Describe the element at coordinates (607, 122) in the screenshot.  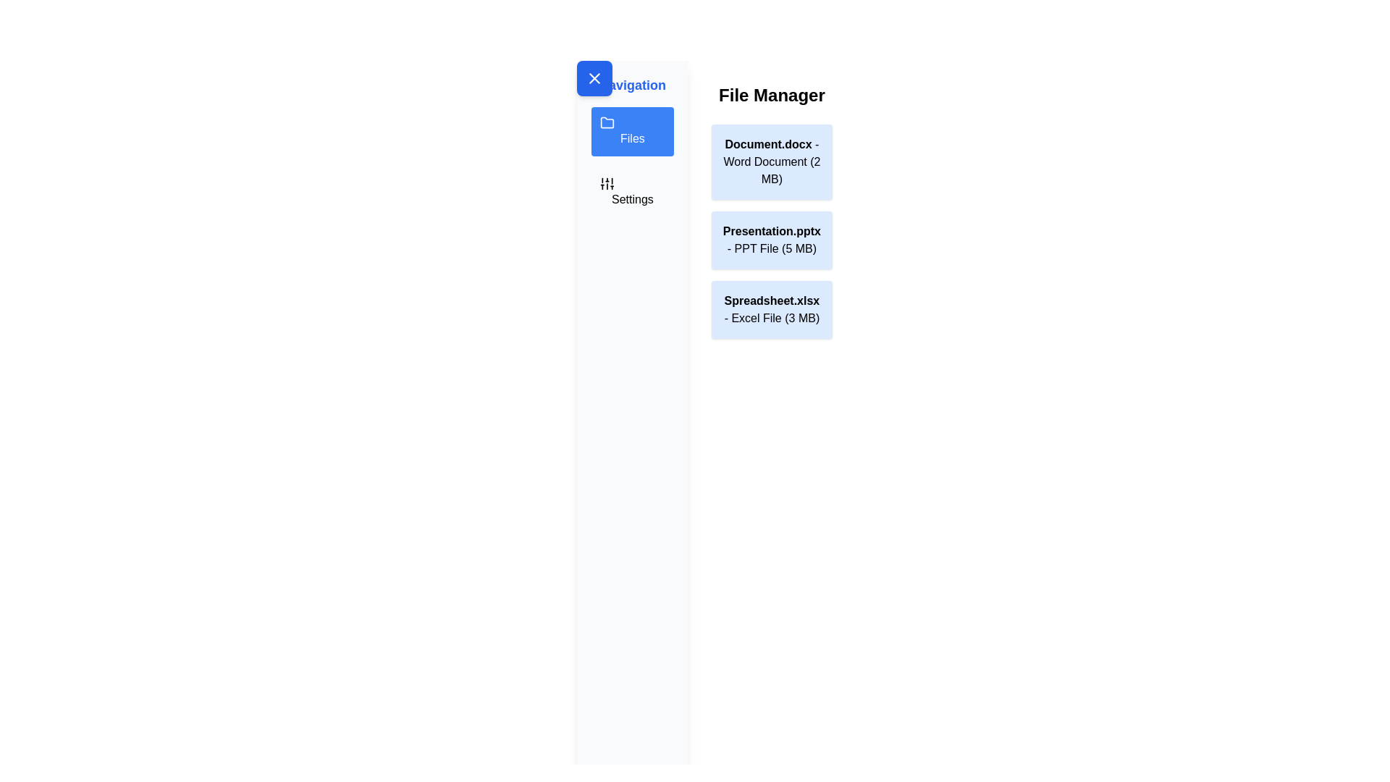
I see `the 'Files' button which contains the icon representing the 'Files' feature, located in the left navigation panel` at that location.